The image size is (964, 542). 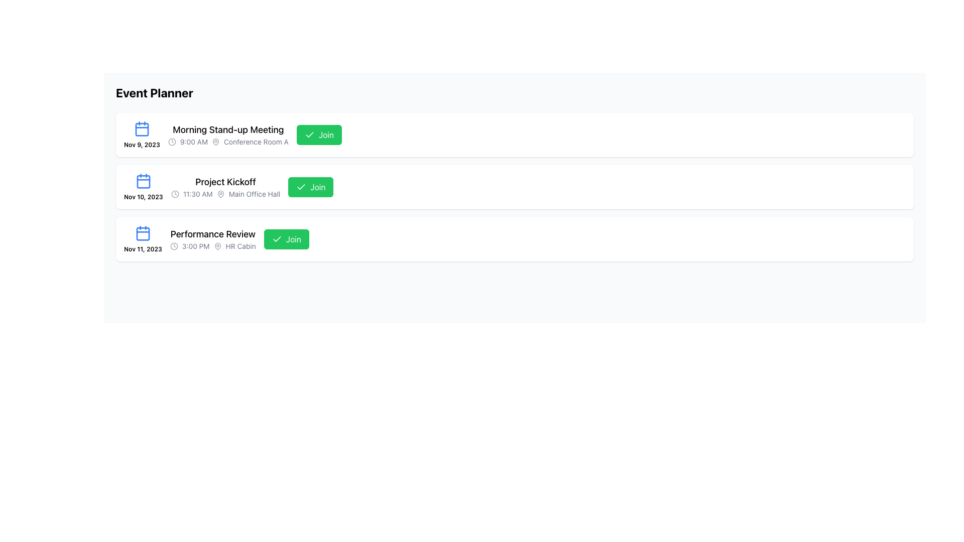 What do you see at coordinates (198, 194) in the screenshot?
I see `the textual label displaying '11:30 AM' which is positioned to the left of the location information in the 'Project Kickoff' event listing` at bounding box center [198, 194].